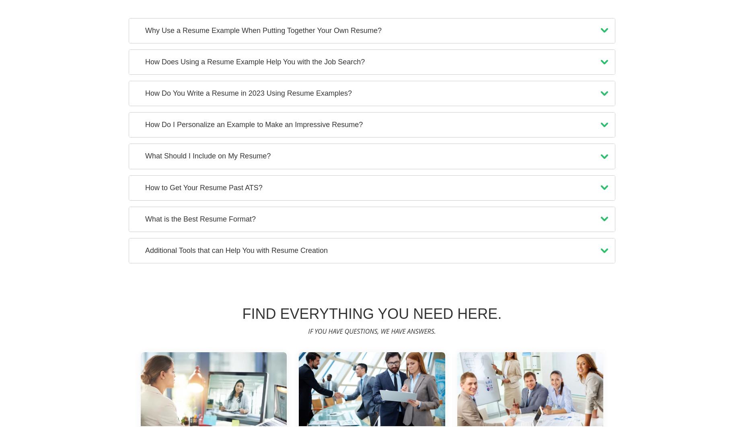  I want to click on 'How Do I Personalize an Example to Make an Impressive Resume?', so click(254, 124).